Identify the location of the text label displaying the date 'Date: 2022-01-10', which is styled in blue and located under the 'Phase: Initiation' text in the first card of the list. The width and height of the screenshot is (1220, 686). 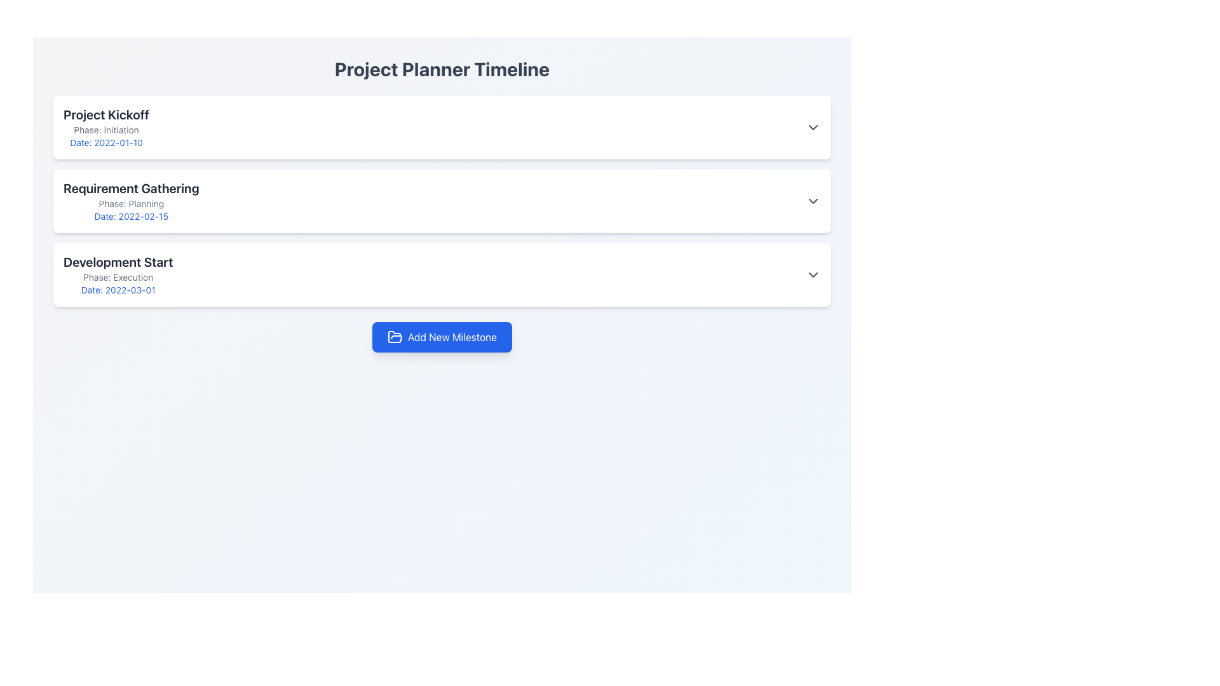
(106, 142).